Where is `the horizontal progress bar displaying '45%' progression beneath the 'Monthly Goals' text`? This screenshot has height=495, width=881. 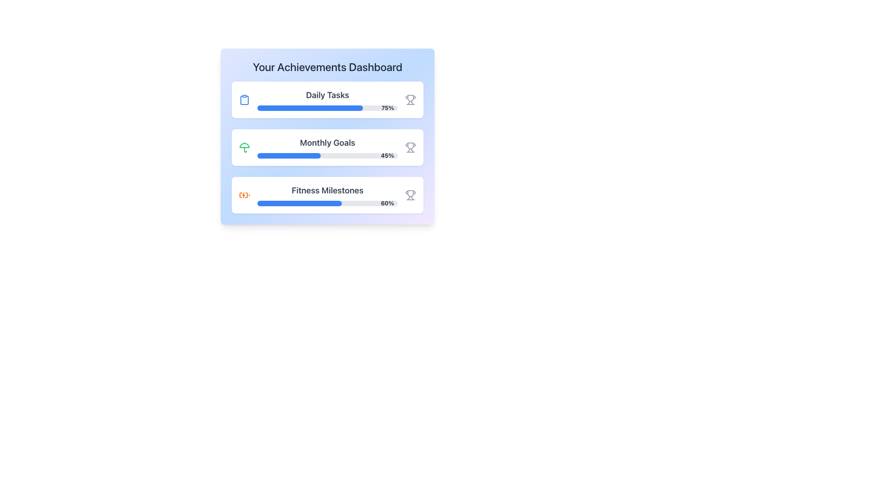
the horizontal progress bar displaying '45%' progression beneath the 'Monthly Goals' text is located at coordinates (328, 155).